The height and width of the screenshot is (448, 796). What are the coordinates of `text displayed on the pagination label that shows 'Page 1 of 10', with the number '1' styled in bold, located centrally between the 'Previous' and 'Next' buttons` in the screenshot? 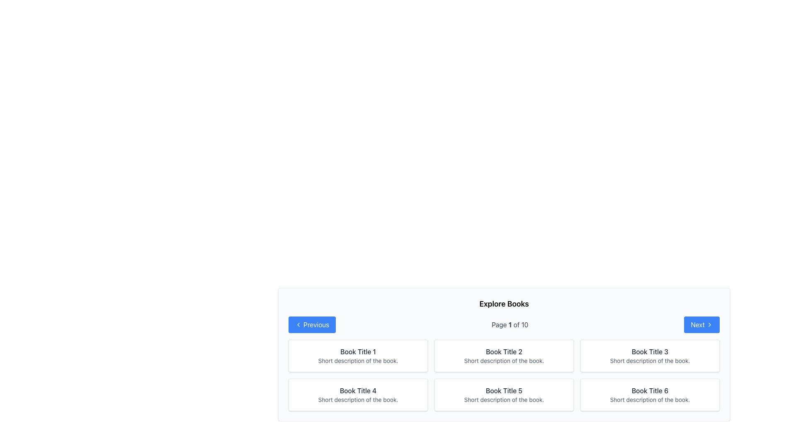 It's located at (510, 324).